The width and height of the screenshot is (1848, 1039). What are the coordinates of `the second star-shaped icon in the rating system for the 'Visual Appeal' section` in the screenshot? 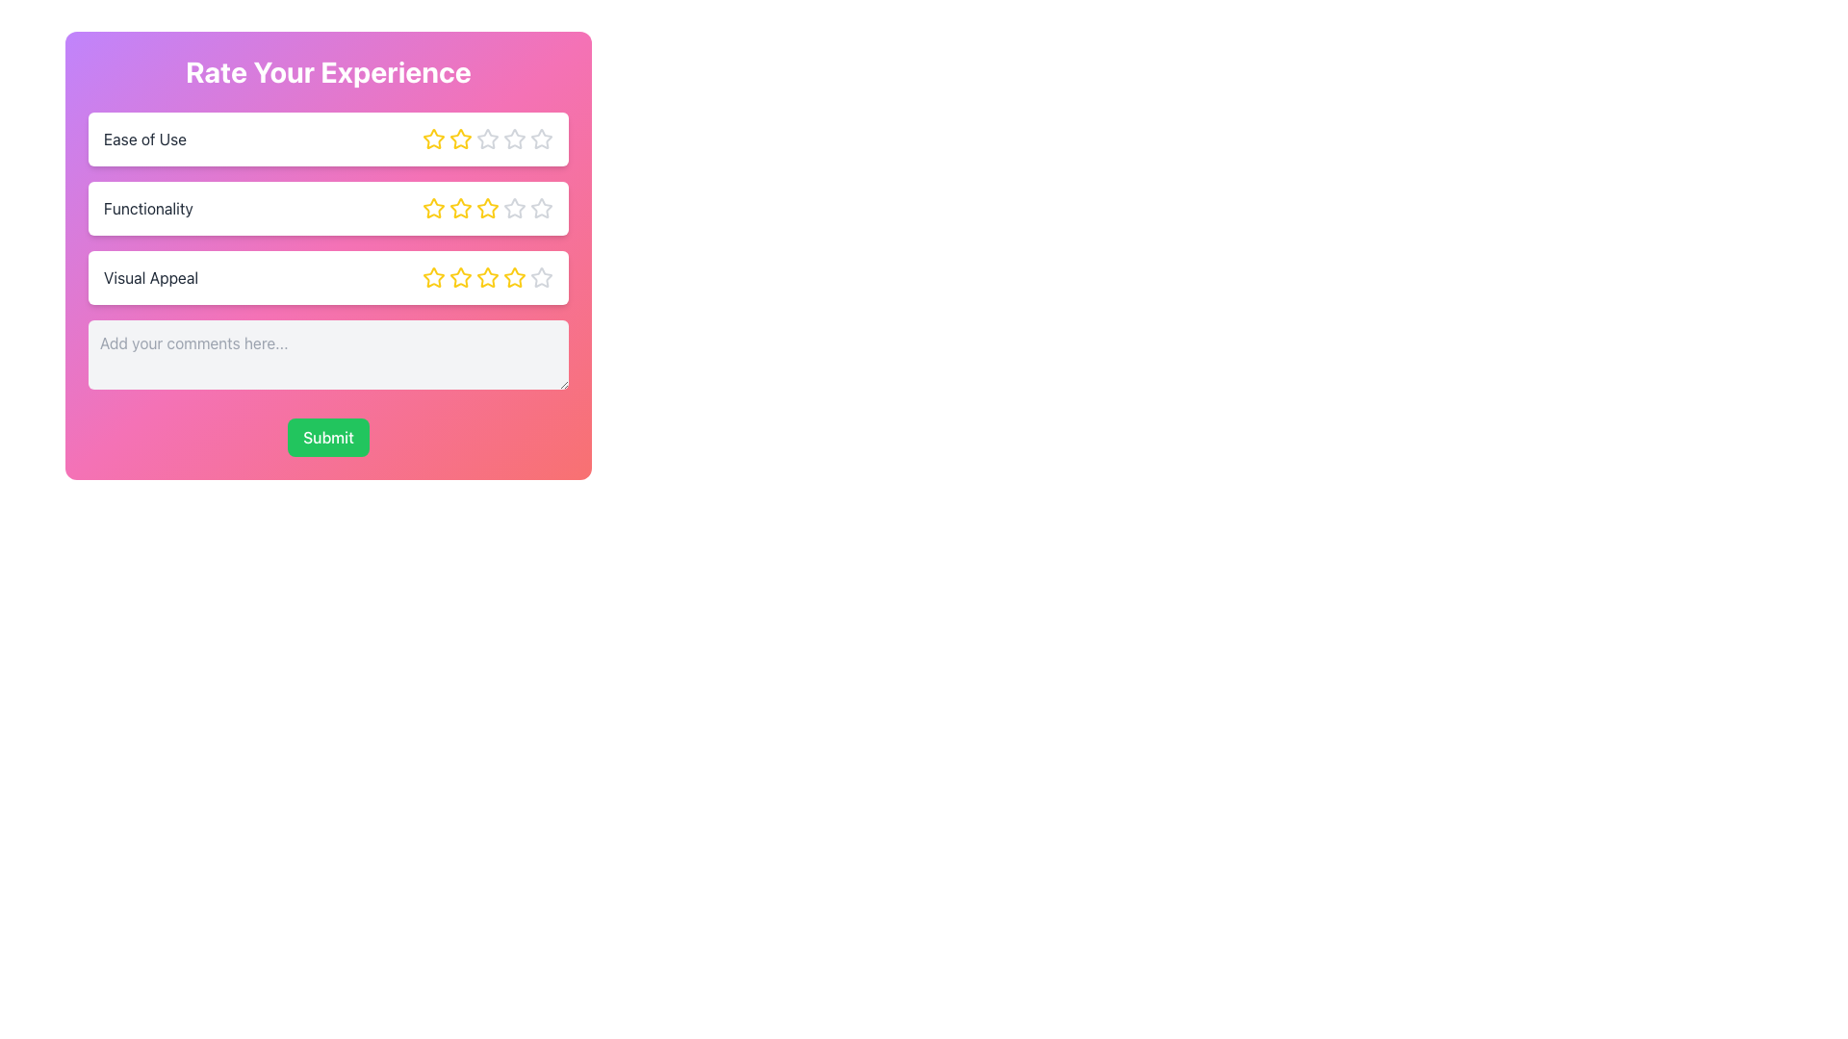 It's located at (460, 277).